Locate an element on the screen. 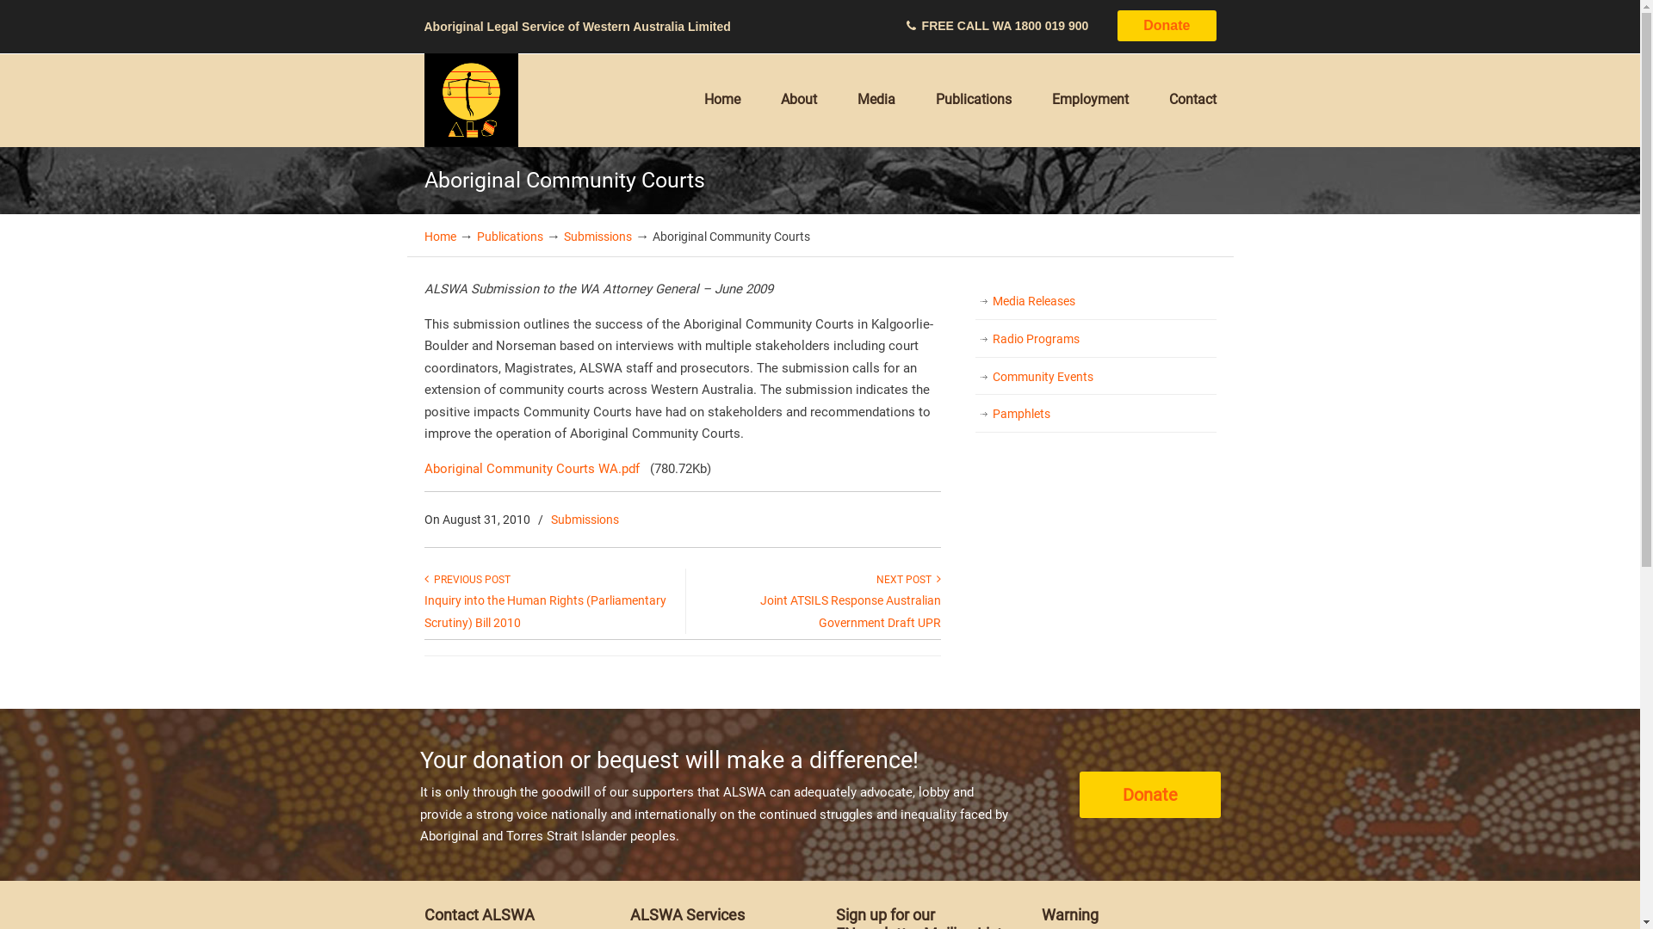 This screenshot has height=929, width=1653. 'Radio Programs' is located at coordinates (975, 339).